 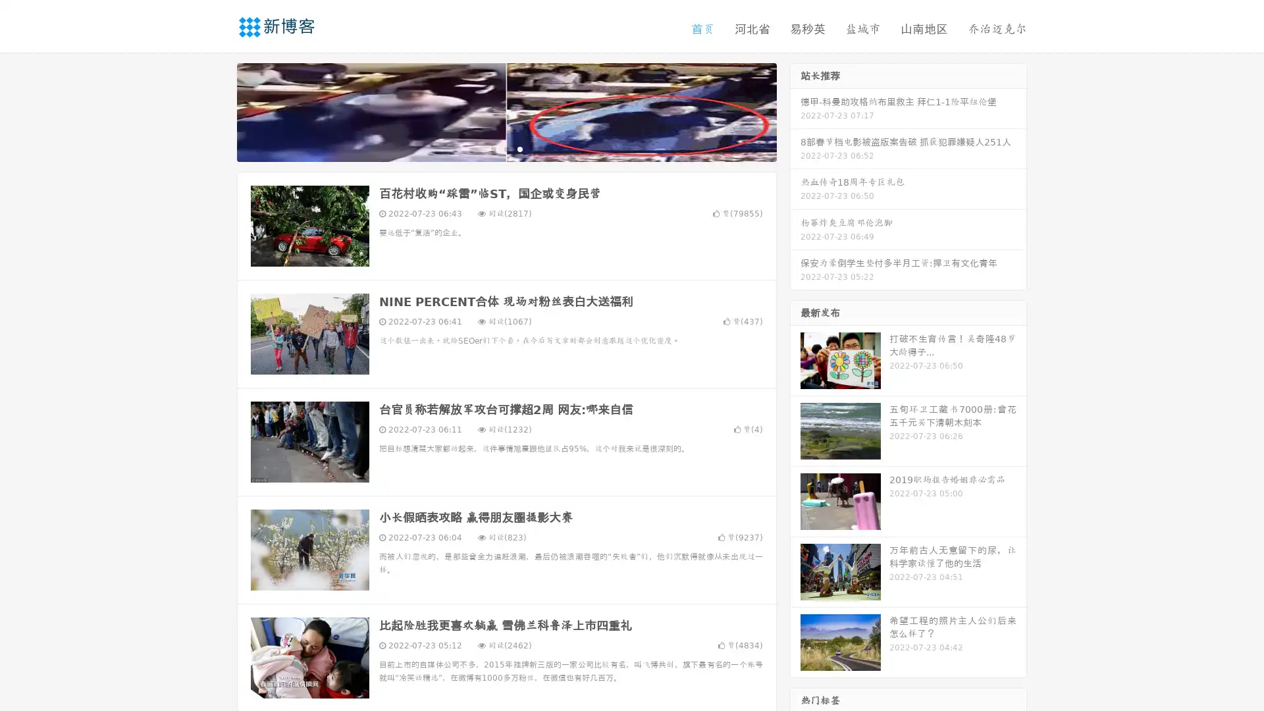 I want to click on Go to slide 3, so click(x=519, y=148).